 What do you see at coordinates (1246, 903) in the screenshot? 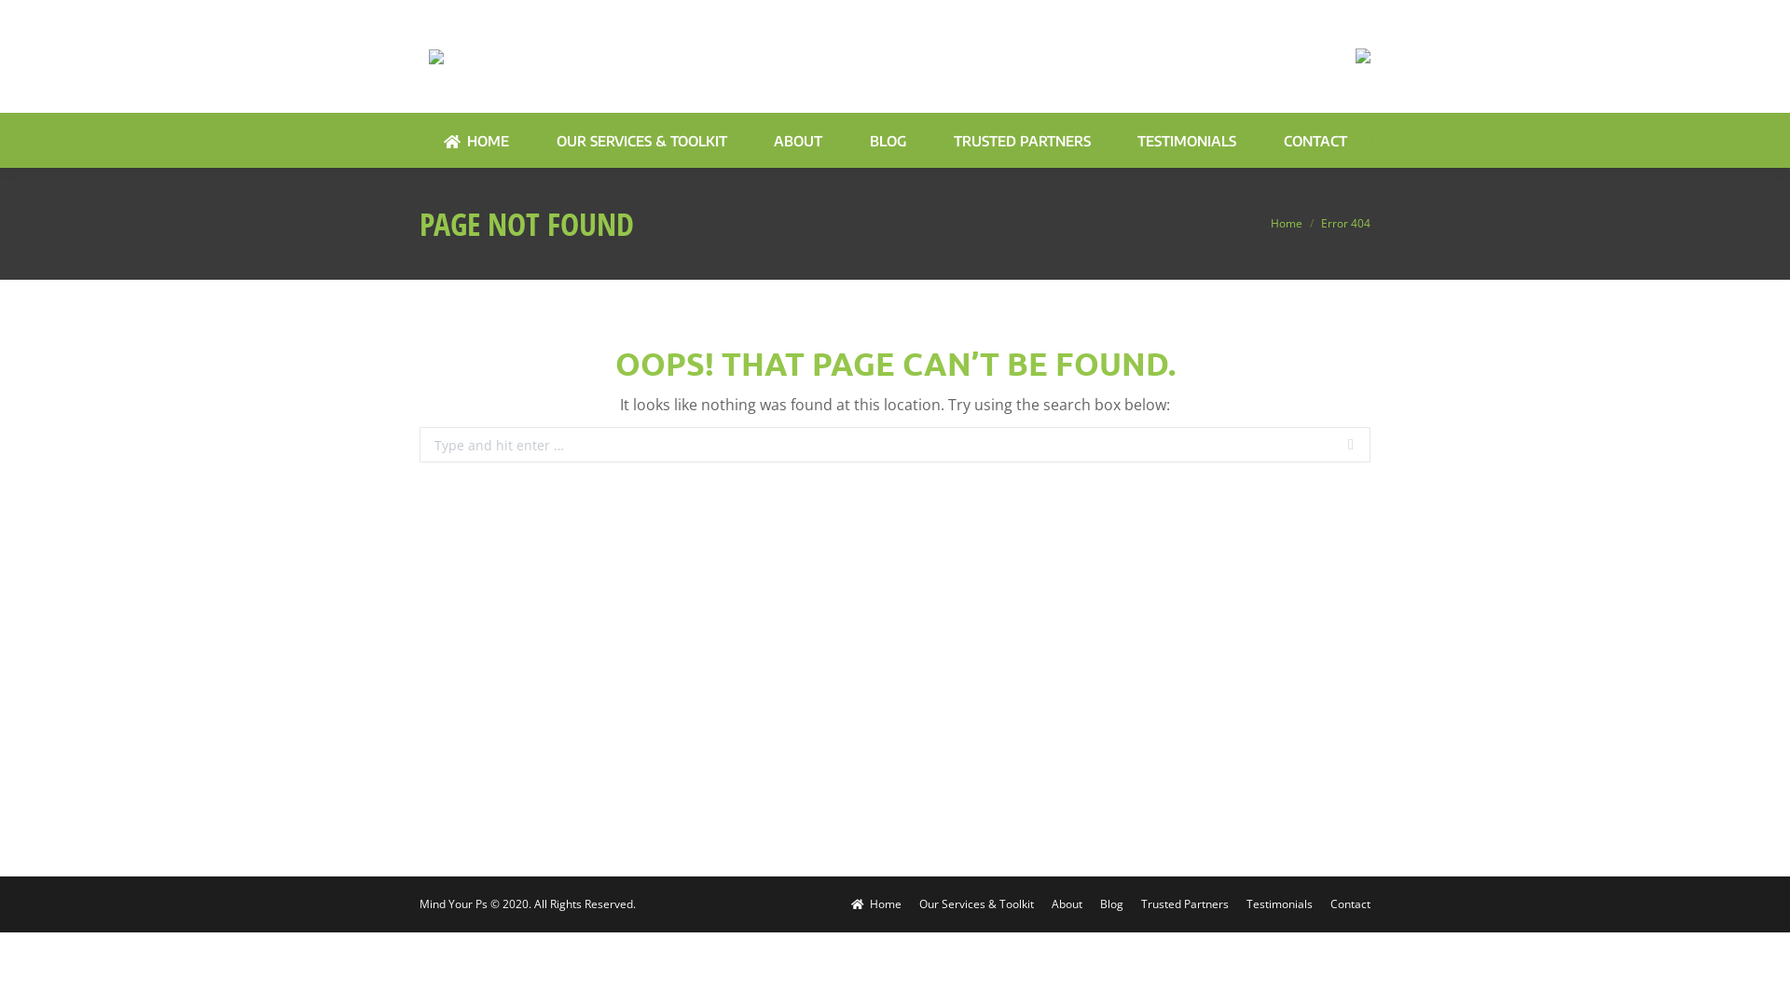
I see `'Testimonials'` at bounding box center [1246, 903].